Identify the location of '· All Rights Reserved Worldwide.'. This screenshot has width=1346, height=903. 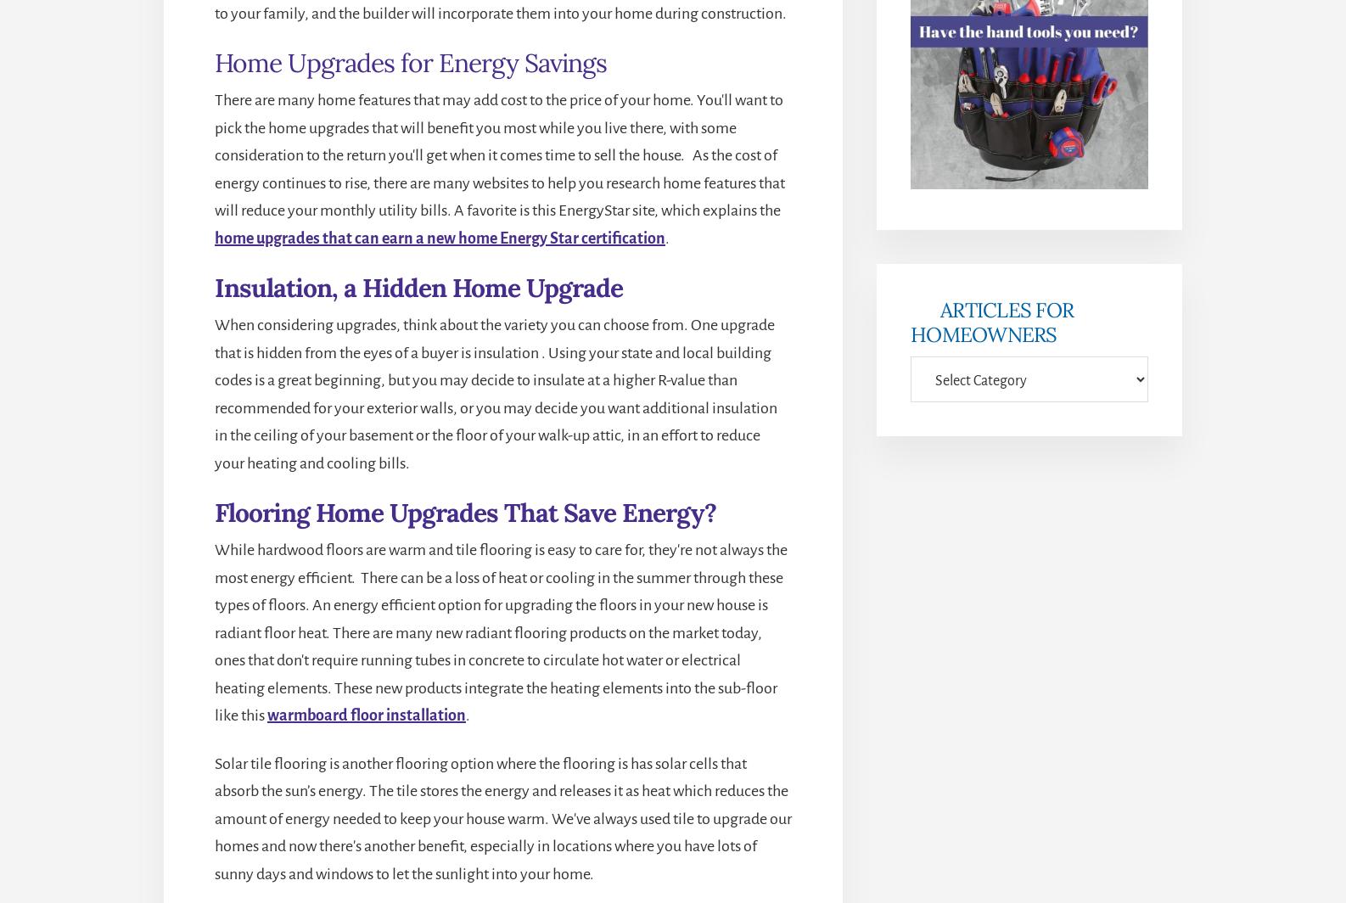
(697, 769).